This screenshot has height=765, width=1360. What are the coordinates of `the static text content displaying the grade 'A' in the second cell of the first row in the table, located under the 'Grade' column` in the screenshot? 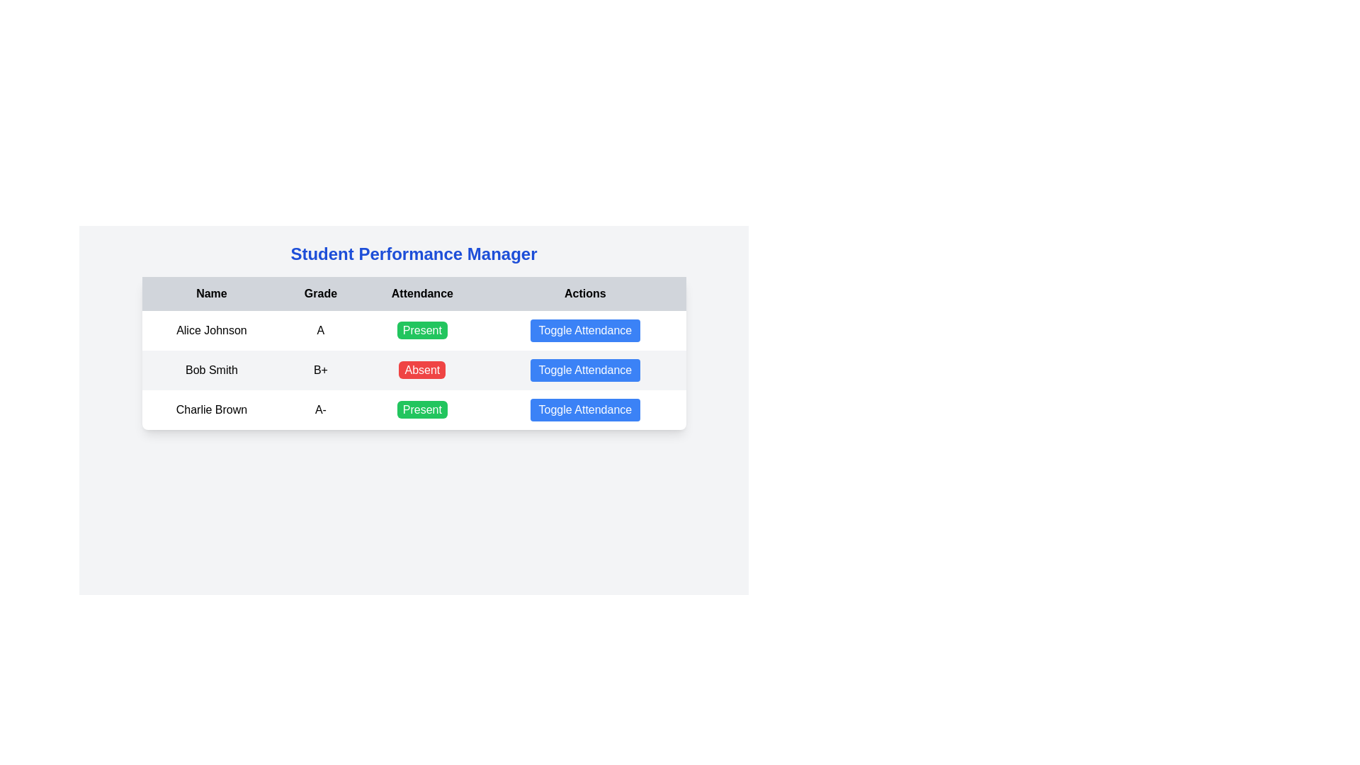 It's located at (319, 330).